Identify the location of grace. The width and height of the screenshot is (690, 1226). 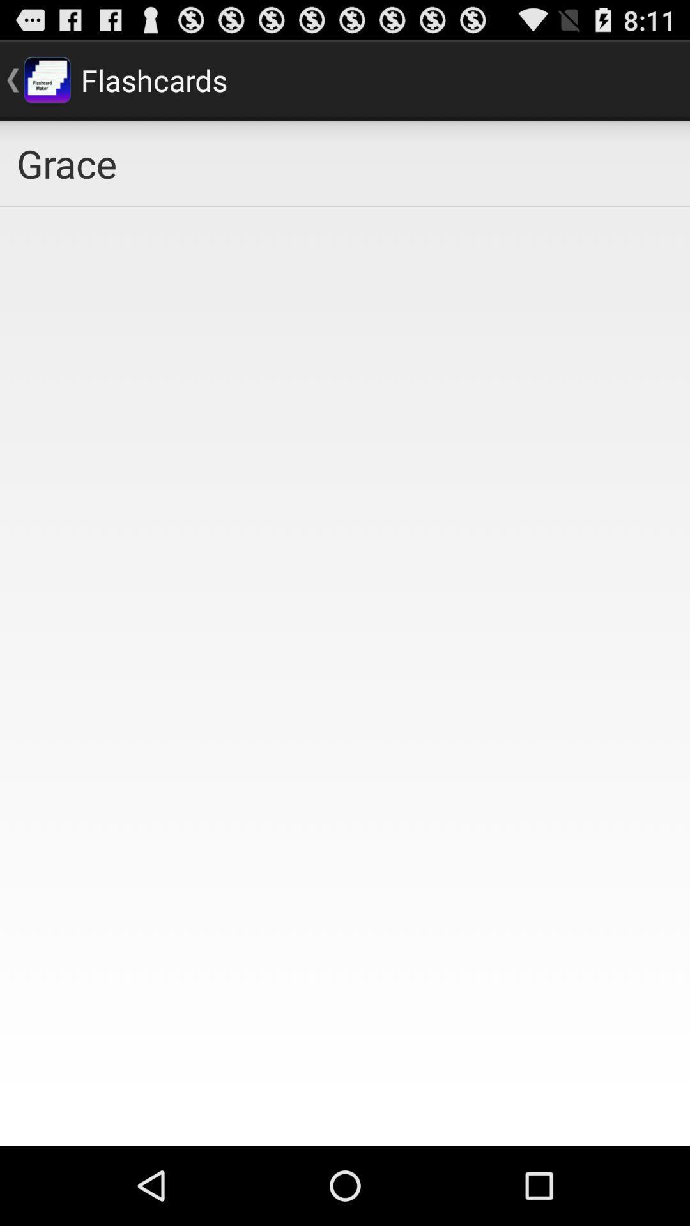
(345, 162).